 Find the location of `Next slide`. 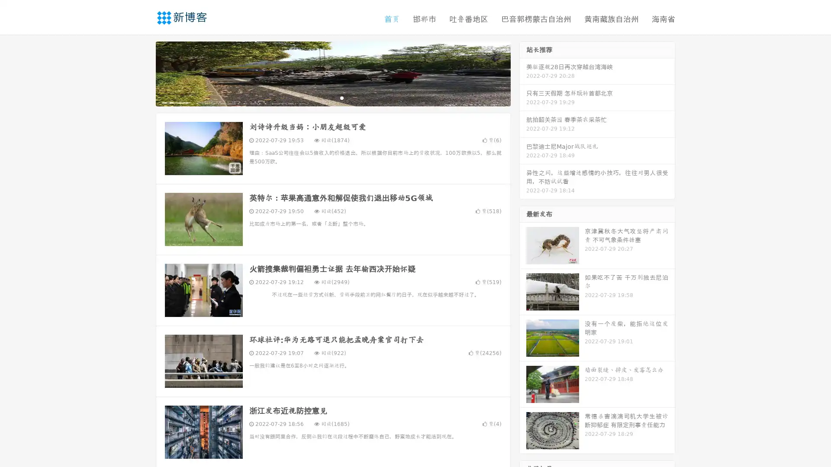

Next slide is located at coordinates (523, 73).